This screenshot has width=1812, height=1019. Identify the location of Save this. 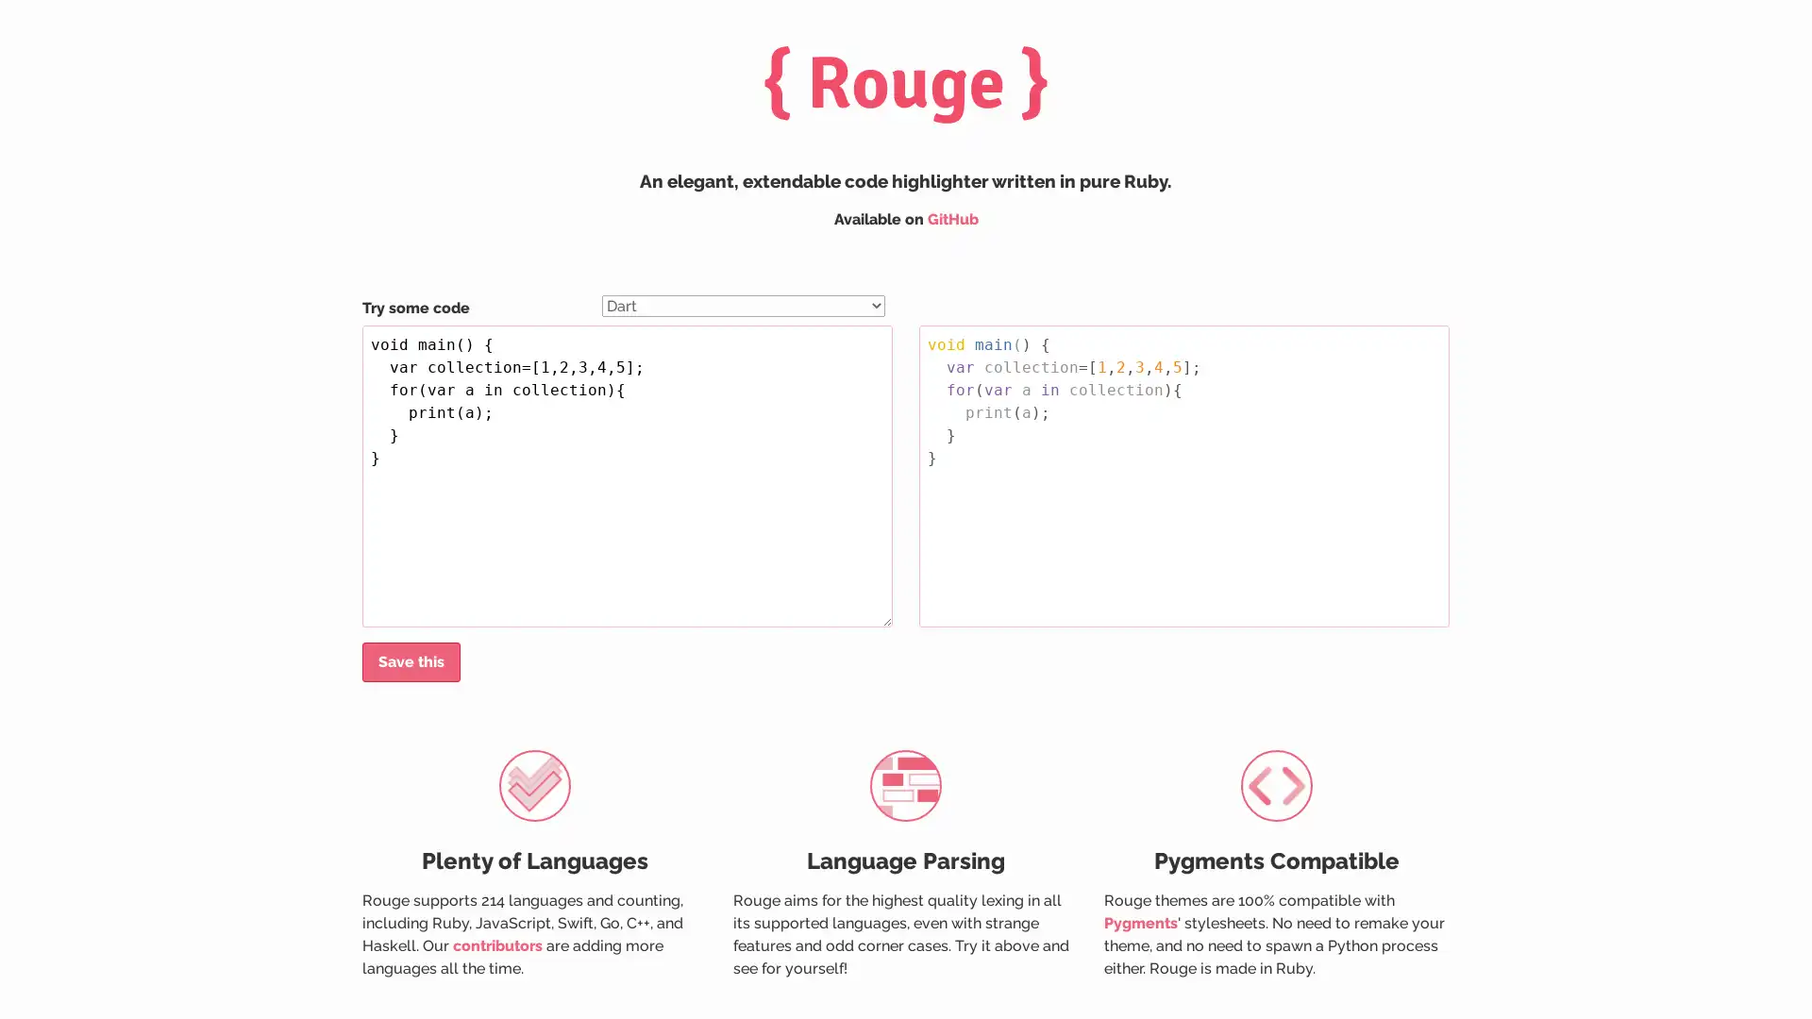
(411, 661).